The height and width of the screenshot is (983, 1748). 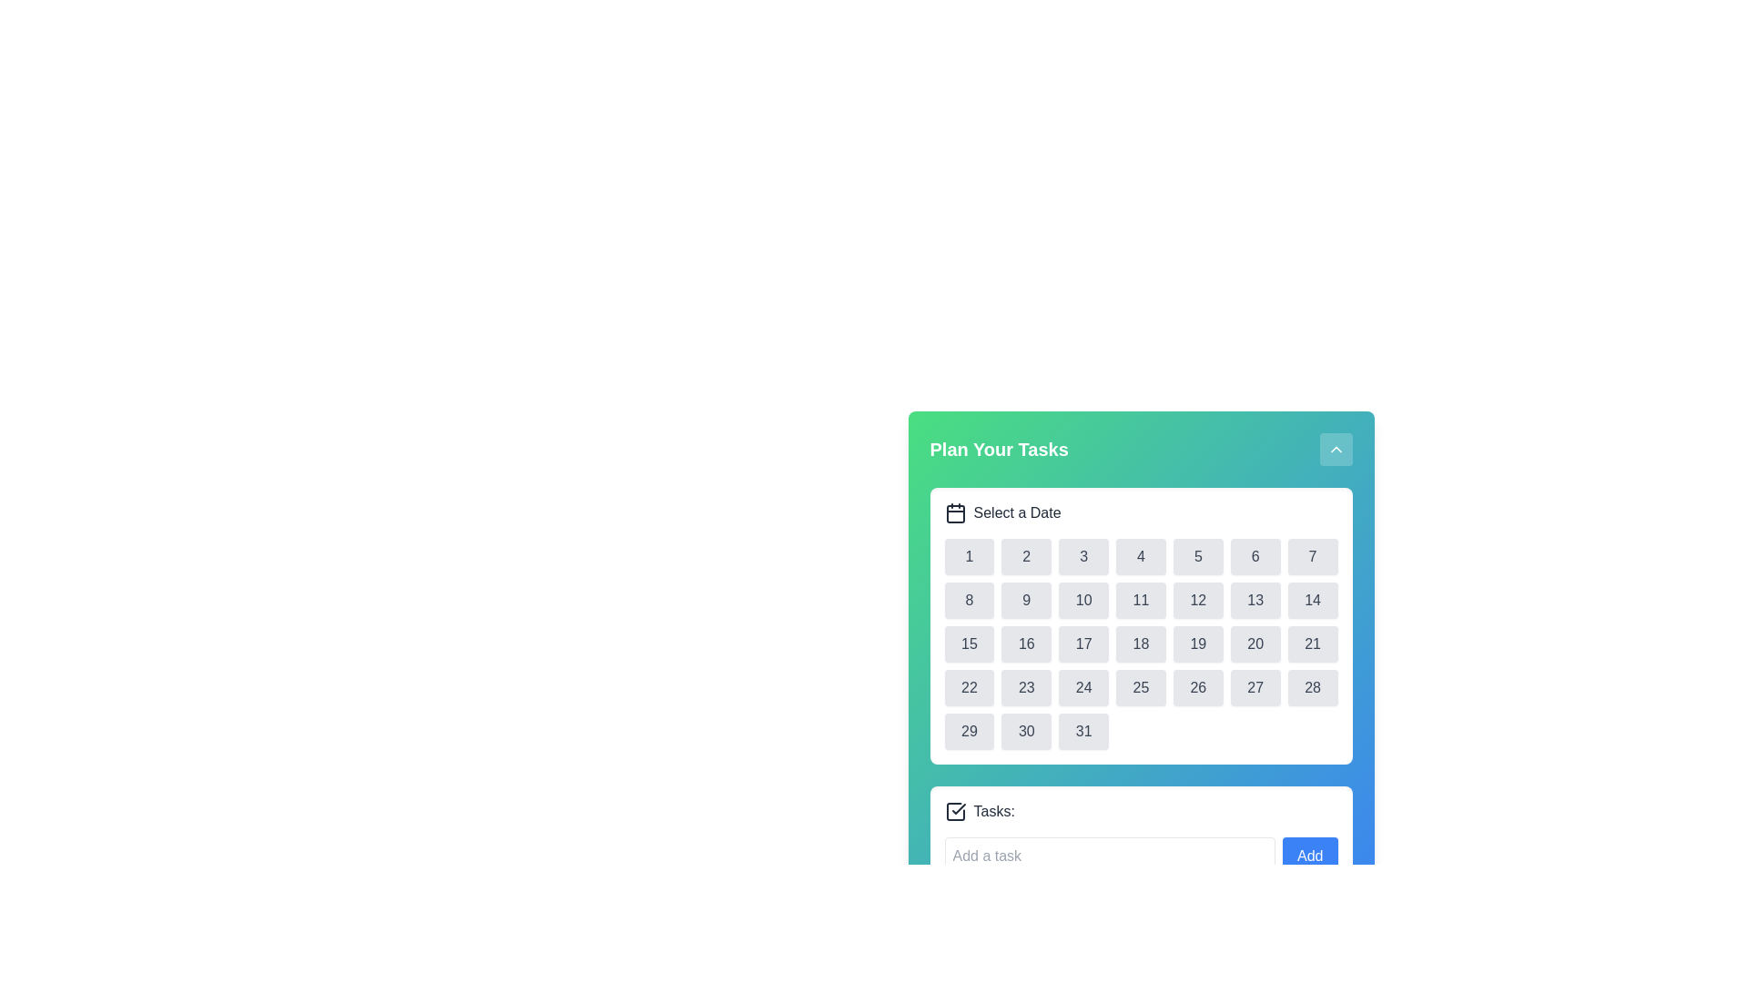 What do you see at coordinates (1255, 644) in the screenshot?
I see `the rounded rectangular button with a light gray background and the text '20' centered in dark gray` at bounding box center [1255, 644].